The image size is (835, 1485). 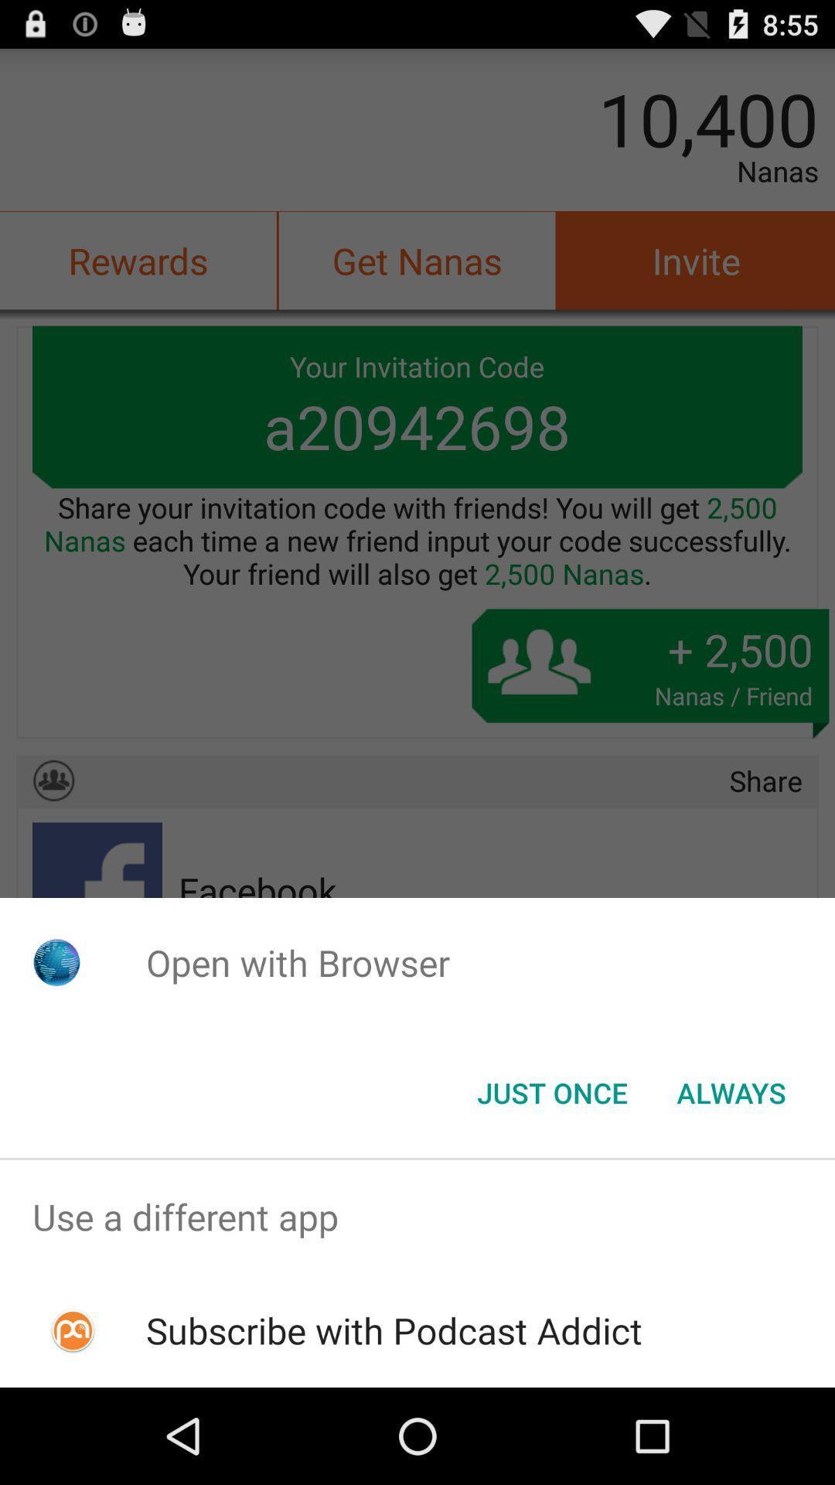 I want to click on the button to the right of just once item, so click(x=731, y=1091).